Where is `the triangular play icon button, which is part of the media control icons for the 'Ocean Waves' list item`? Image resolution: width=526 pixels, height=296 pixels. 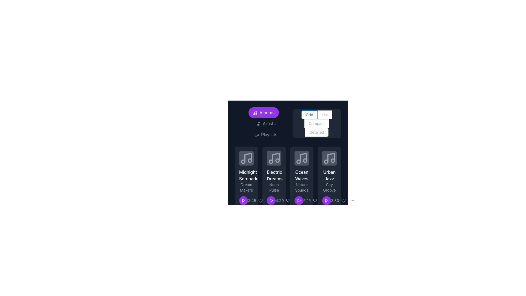
the triangular play icon button, which is part of the media control icons for the 'Ocean Waves' list item is located at coordinates (299, 201).